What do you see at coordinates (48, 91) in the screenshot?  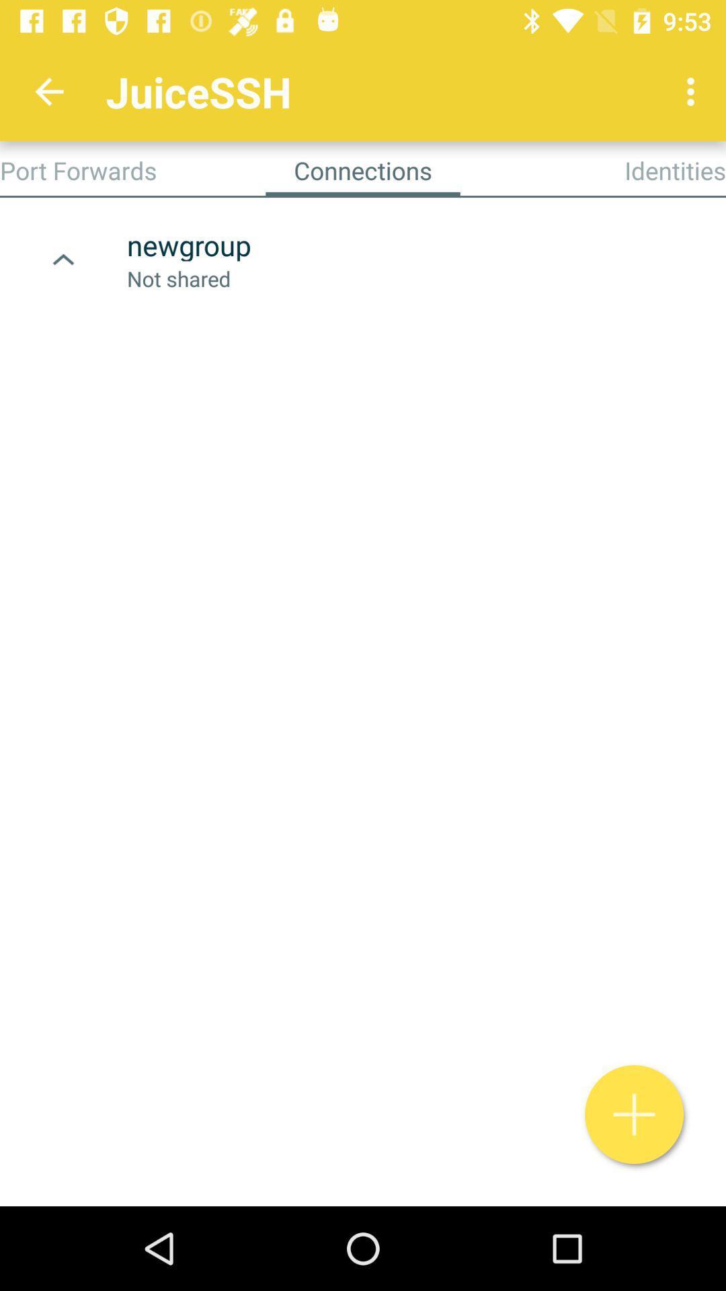 I see `the icon above port forwards app` at bounding box center [48, 91].